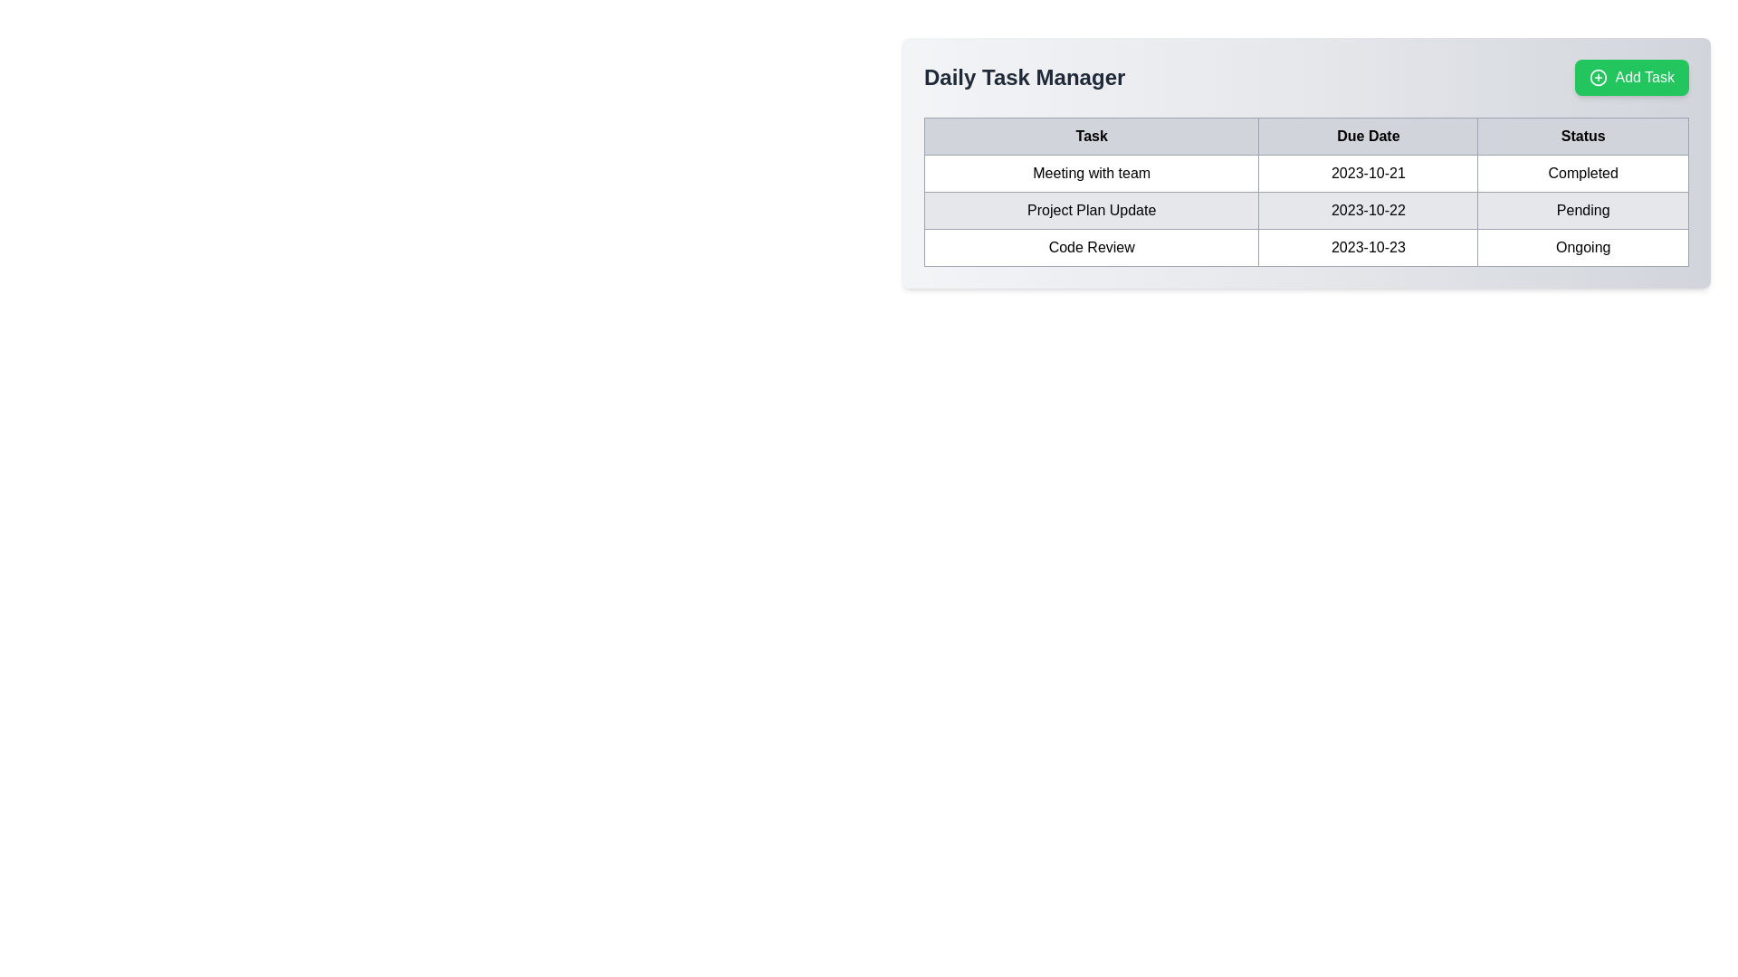  What do you see at coordinates (1306, 247) in the screenshot?
I see `the task entry row located in the third row of the task management table` at bounding box center [1306, 247].